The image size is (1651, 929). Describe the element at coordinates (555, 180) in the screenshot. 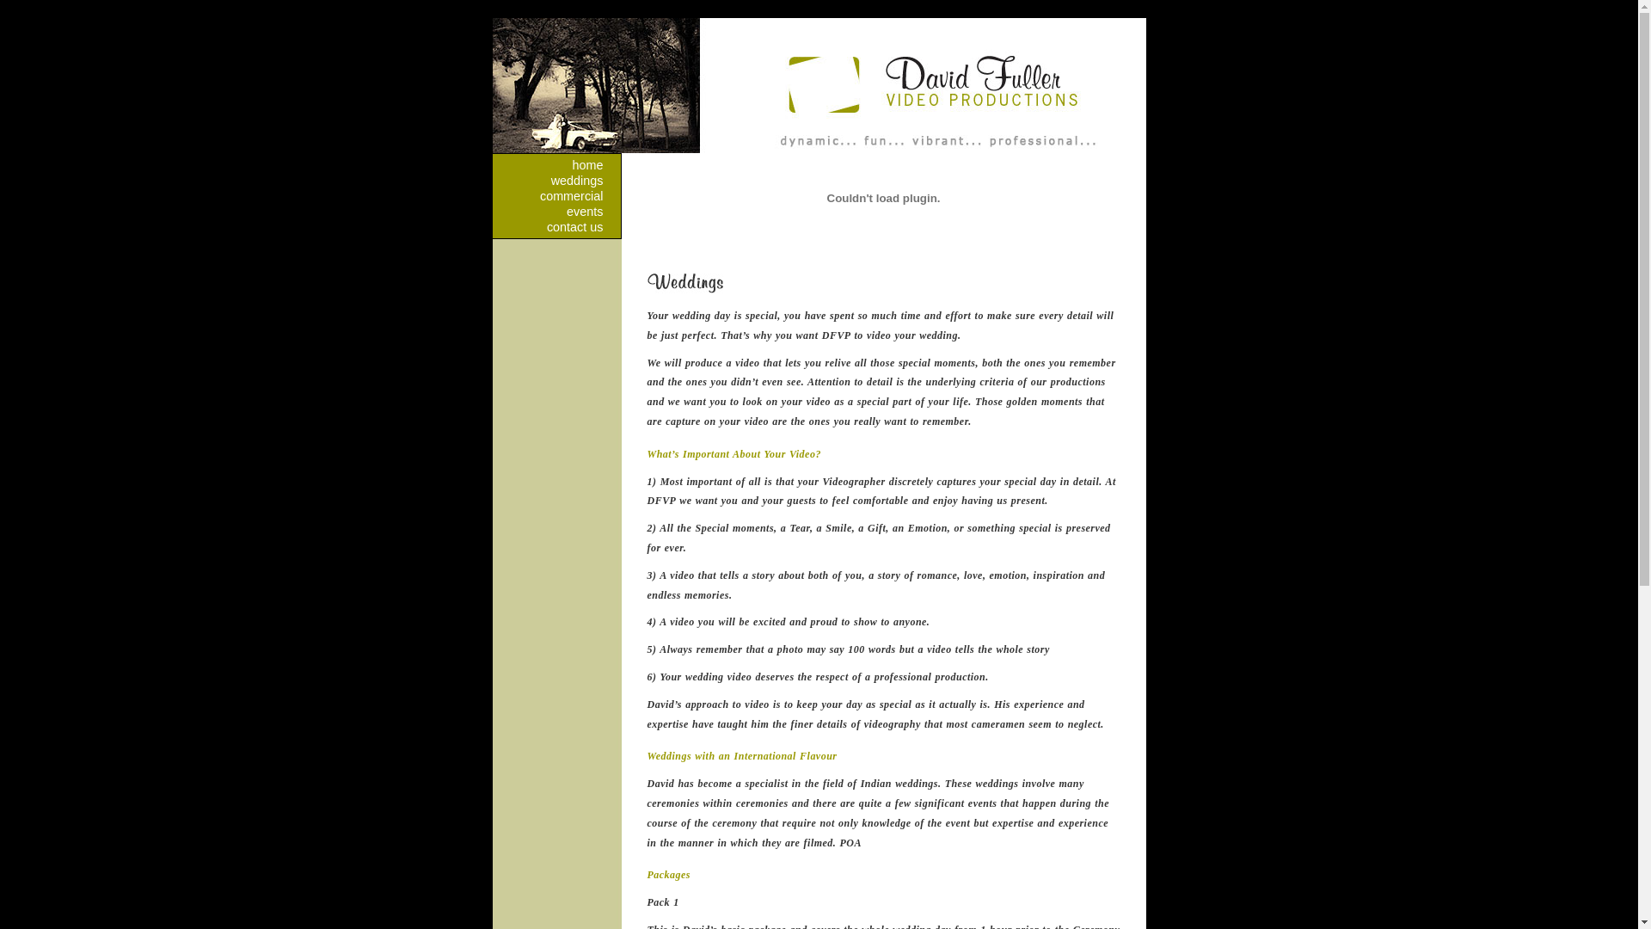

I see `'weddings'` at that location.